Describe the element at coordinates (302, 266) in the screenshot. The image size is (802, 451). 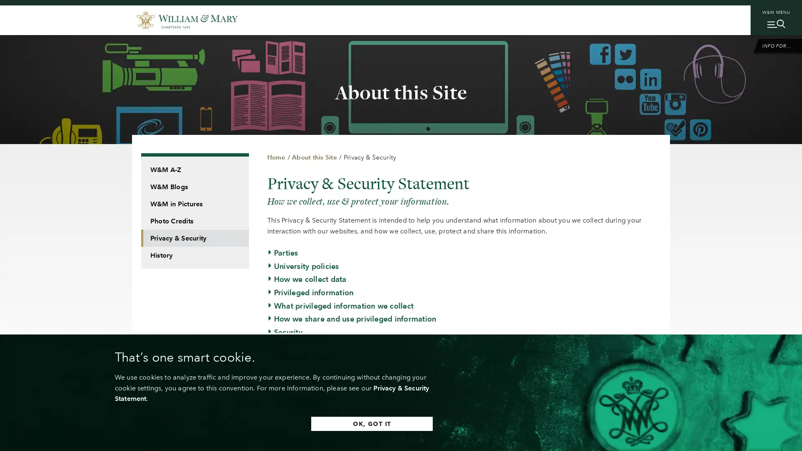
I see `University policies` at that location.